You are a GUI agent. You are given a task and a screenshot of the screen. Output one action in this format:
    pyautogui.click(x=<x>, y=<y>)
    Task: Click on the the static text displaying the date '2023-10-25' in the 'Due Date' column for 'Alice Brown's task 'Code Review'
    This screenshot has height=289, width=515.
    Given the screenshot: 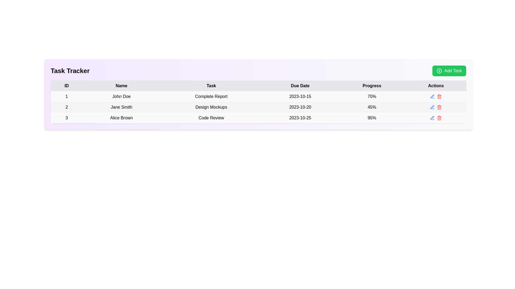 What is the action you would take?
    pyautogui.click(x=300, y=117)
    